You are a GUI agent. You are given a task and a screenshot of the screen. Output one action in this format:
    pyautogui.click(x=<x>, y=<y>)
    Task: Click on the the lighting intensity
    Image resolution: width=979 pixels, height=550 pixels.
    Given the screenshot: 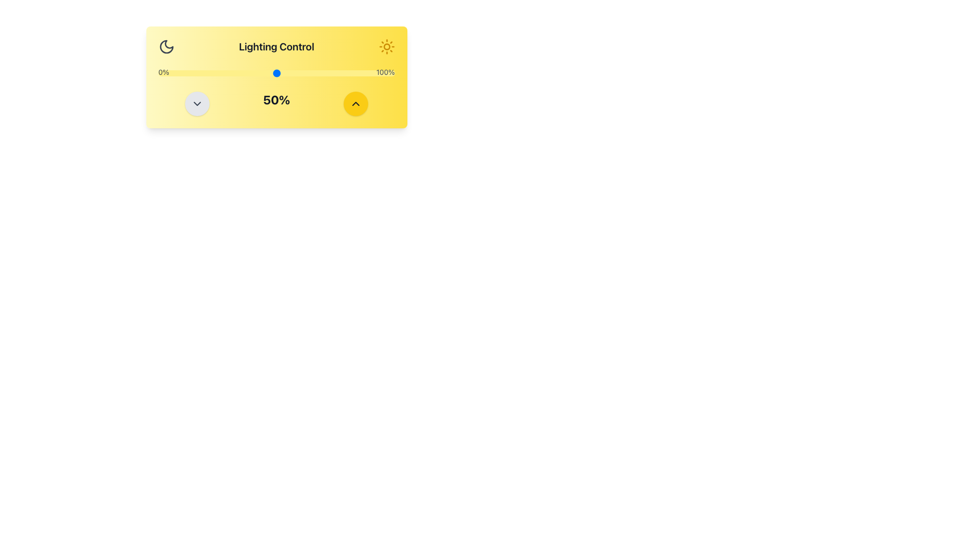 What is the action you would take?
    pyautogui.click(x=316, y=72)
    